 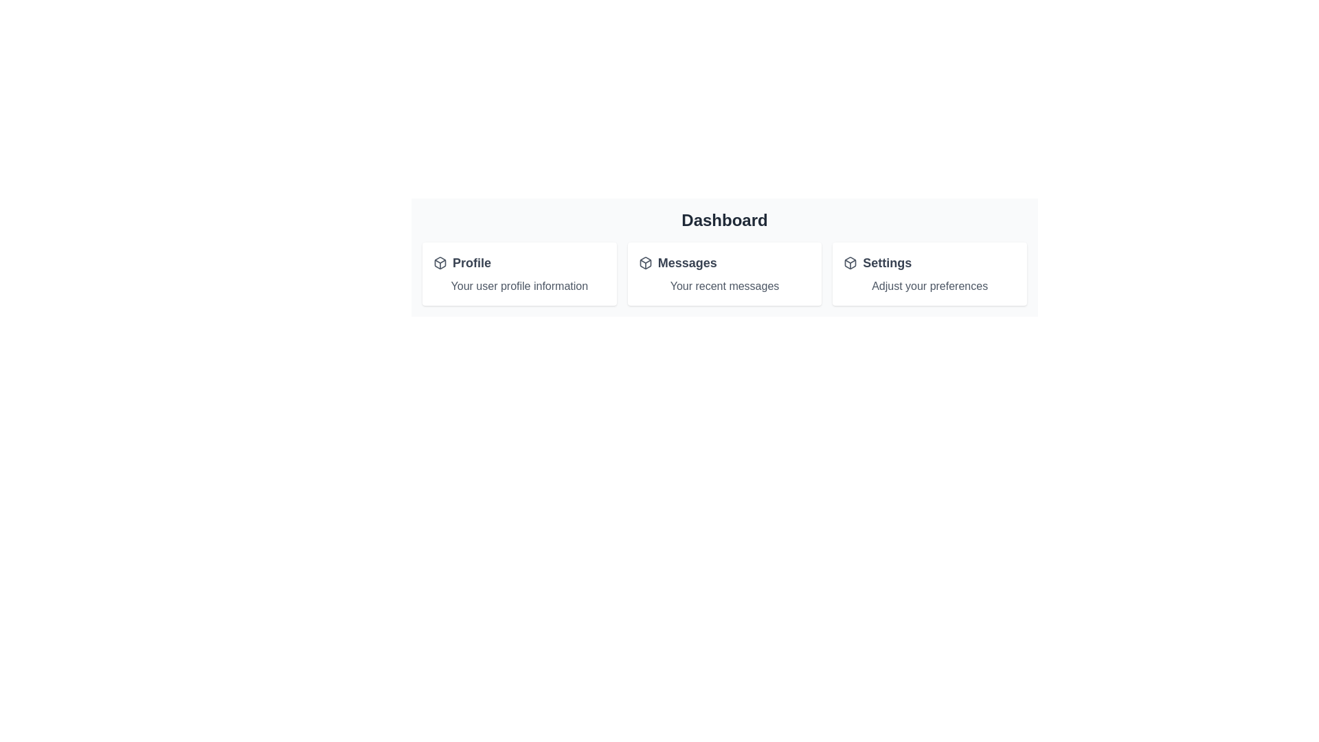 What do you see at coordinates (850, 262) in the screenshot?
I see `the 'Settings' icon located in the top-center-right area of the interface` at bounding box center [850, 262].